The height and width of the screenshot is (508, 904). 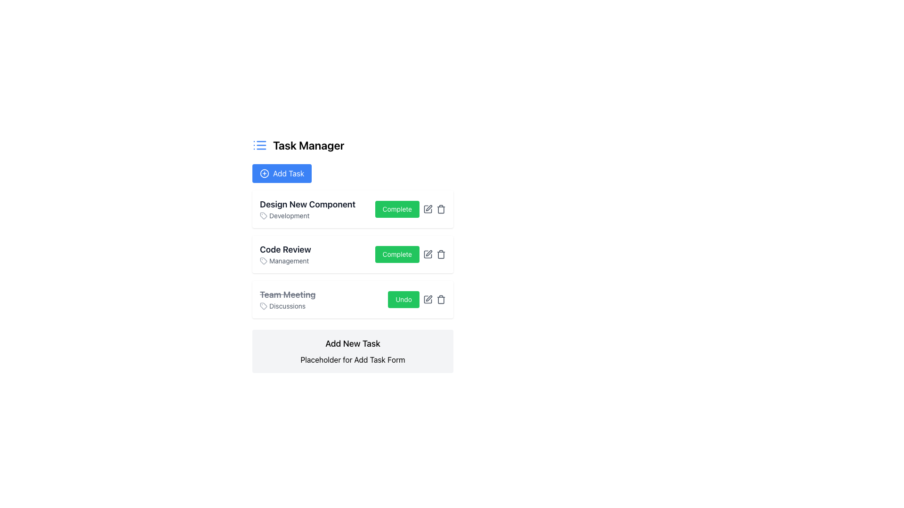 I want to click on the pencil-shaped edit button located to the right of the 'Undo' button in the 'Team Meeting' task row to initiate editing, so click(x=427, y=299).